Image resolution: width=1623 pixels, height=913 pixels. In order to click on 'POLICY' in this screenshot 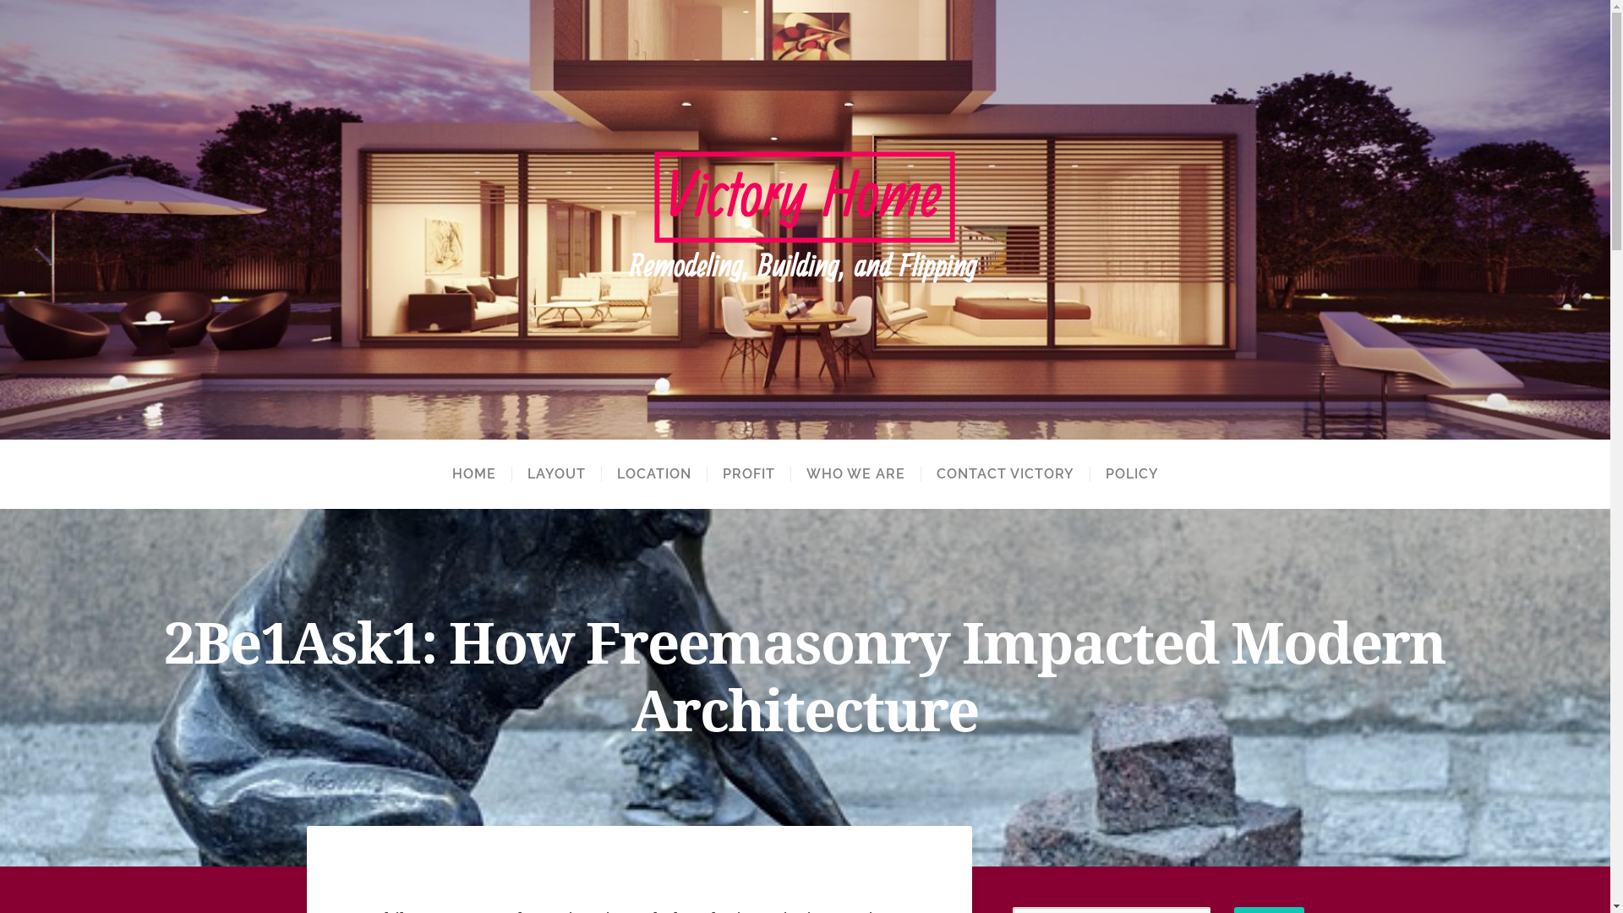, I will do `click(1088, 473)`.